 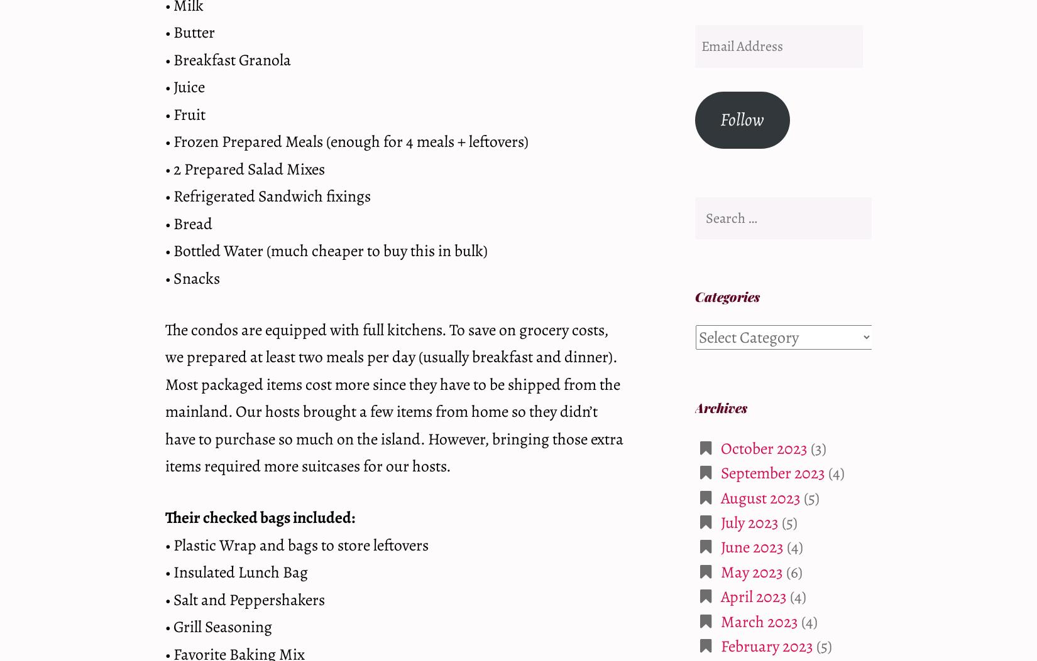 What do you see at coordinates (694, 295) in the screenshot?
I see `'Categories'` at bounding box center [694, 295].